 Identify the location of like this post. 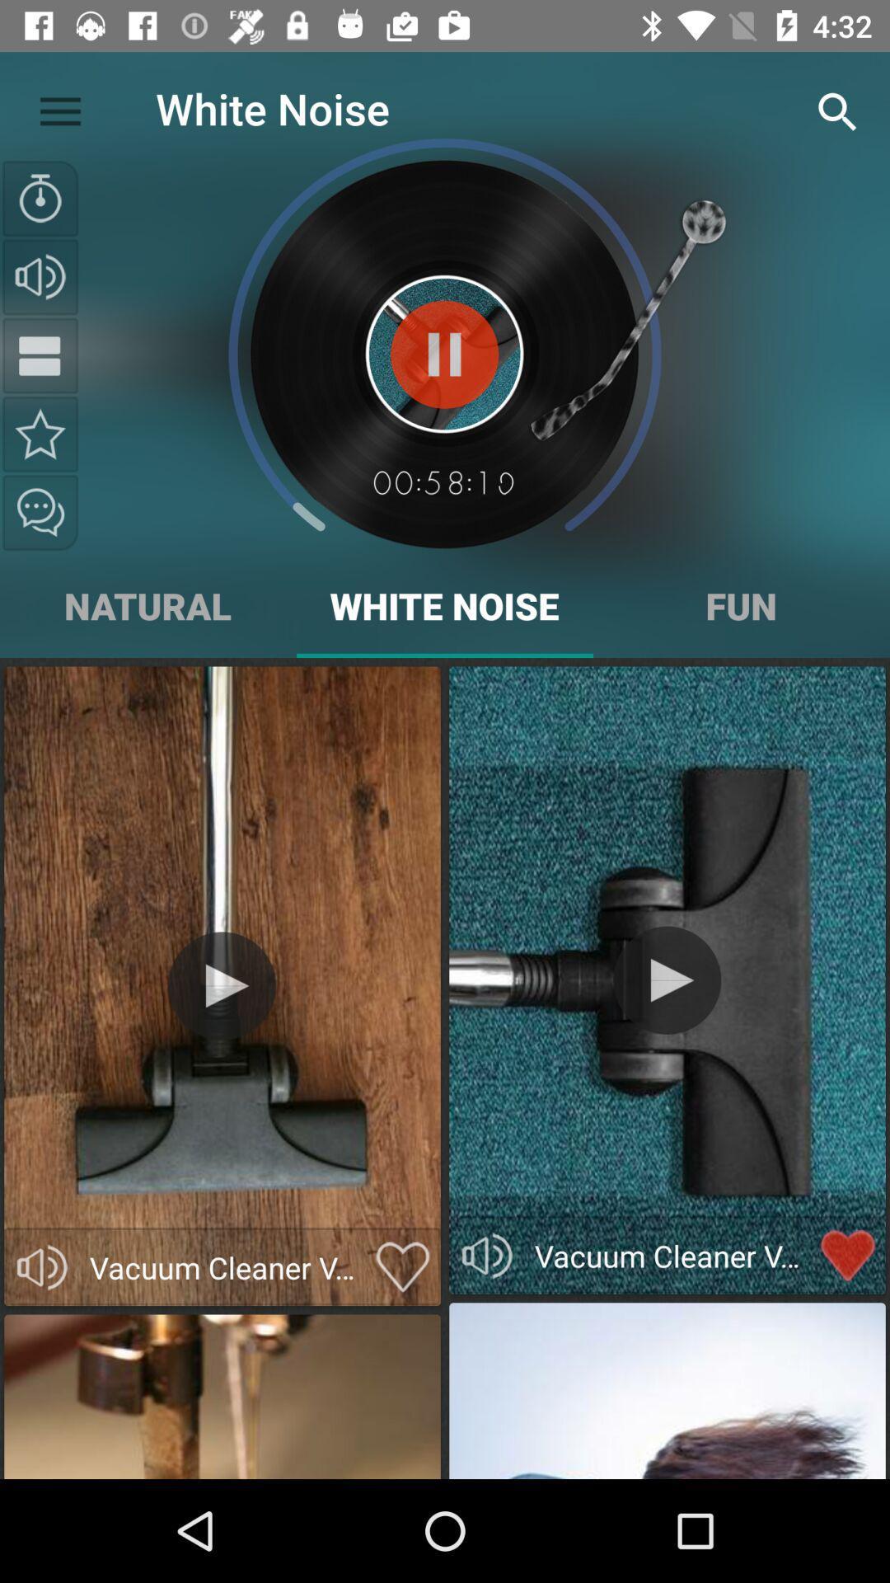
(403, 1266).